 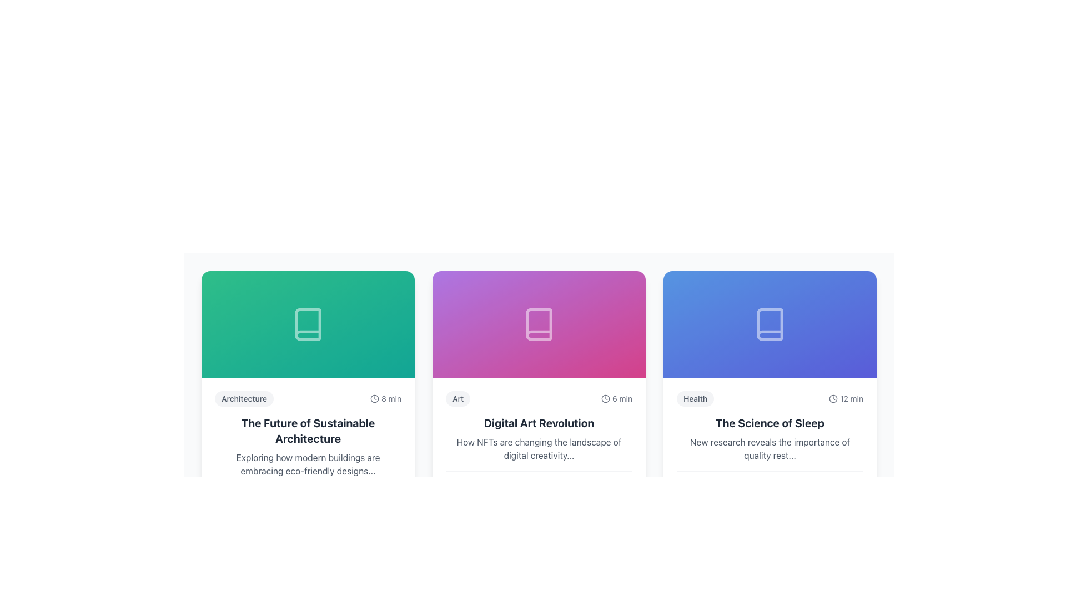 I want to click on the text block displaying 'The Future of Sustainable Architecture', so click(x=308, y=430).